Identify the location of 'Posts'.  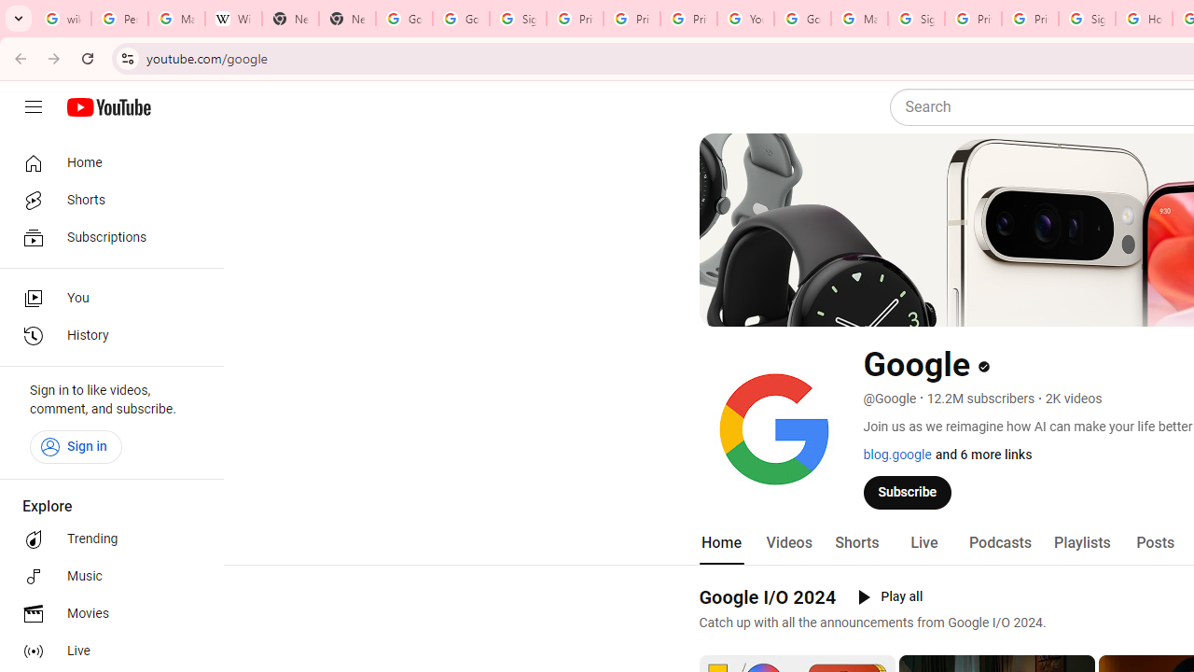
(1154, 542).